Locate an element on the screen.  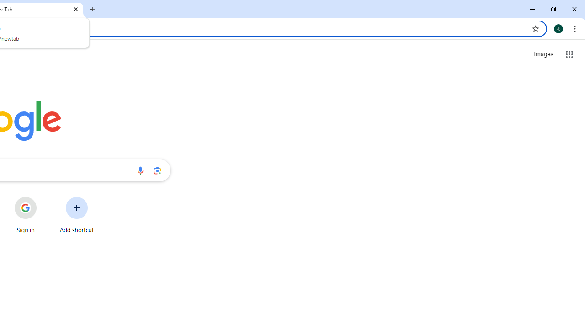
'More actions for Sign in shortcut' is located at coordinates (43, 197).